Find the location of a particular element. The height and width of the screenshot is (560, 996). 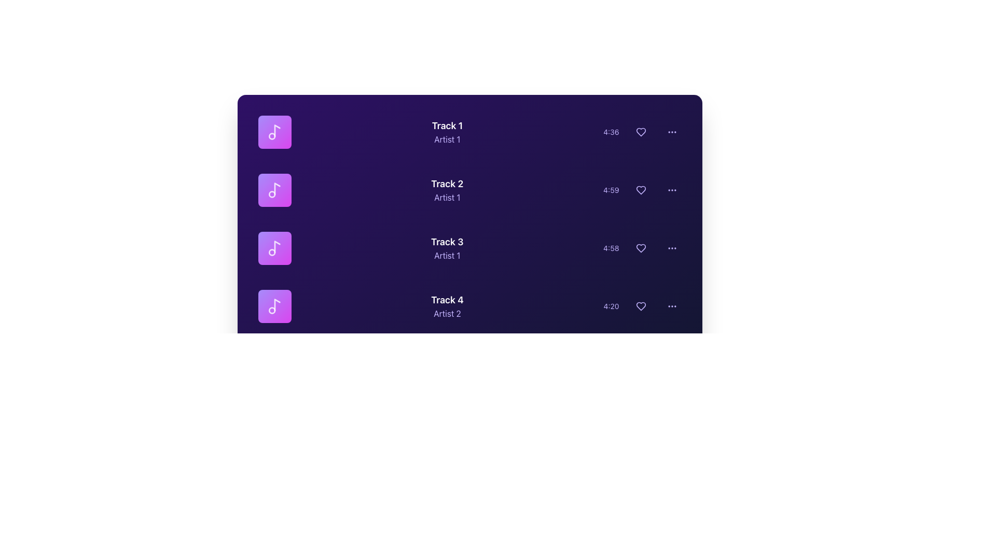

the musical note icon with a gradient purple background, located at the top of the vertical stack on the left side of the interface, associated with 'Track 1 Artist 1' is located at coordinates (274, 131).